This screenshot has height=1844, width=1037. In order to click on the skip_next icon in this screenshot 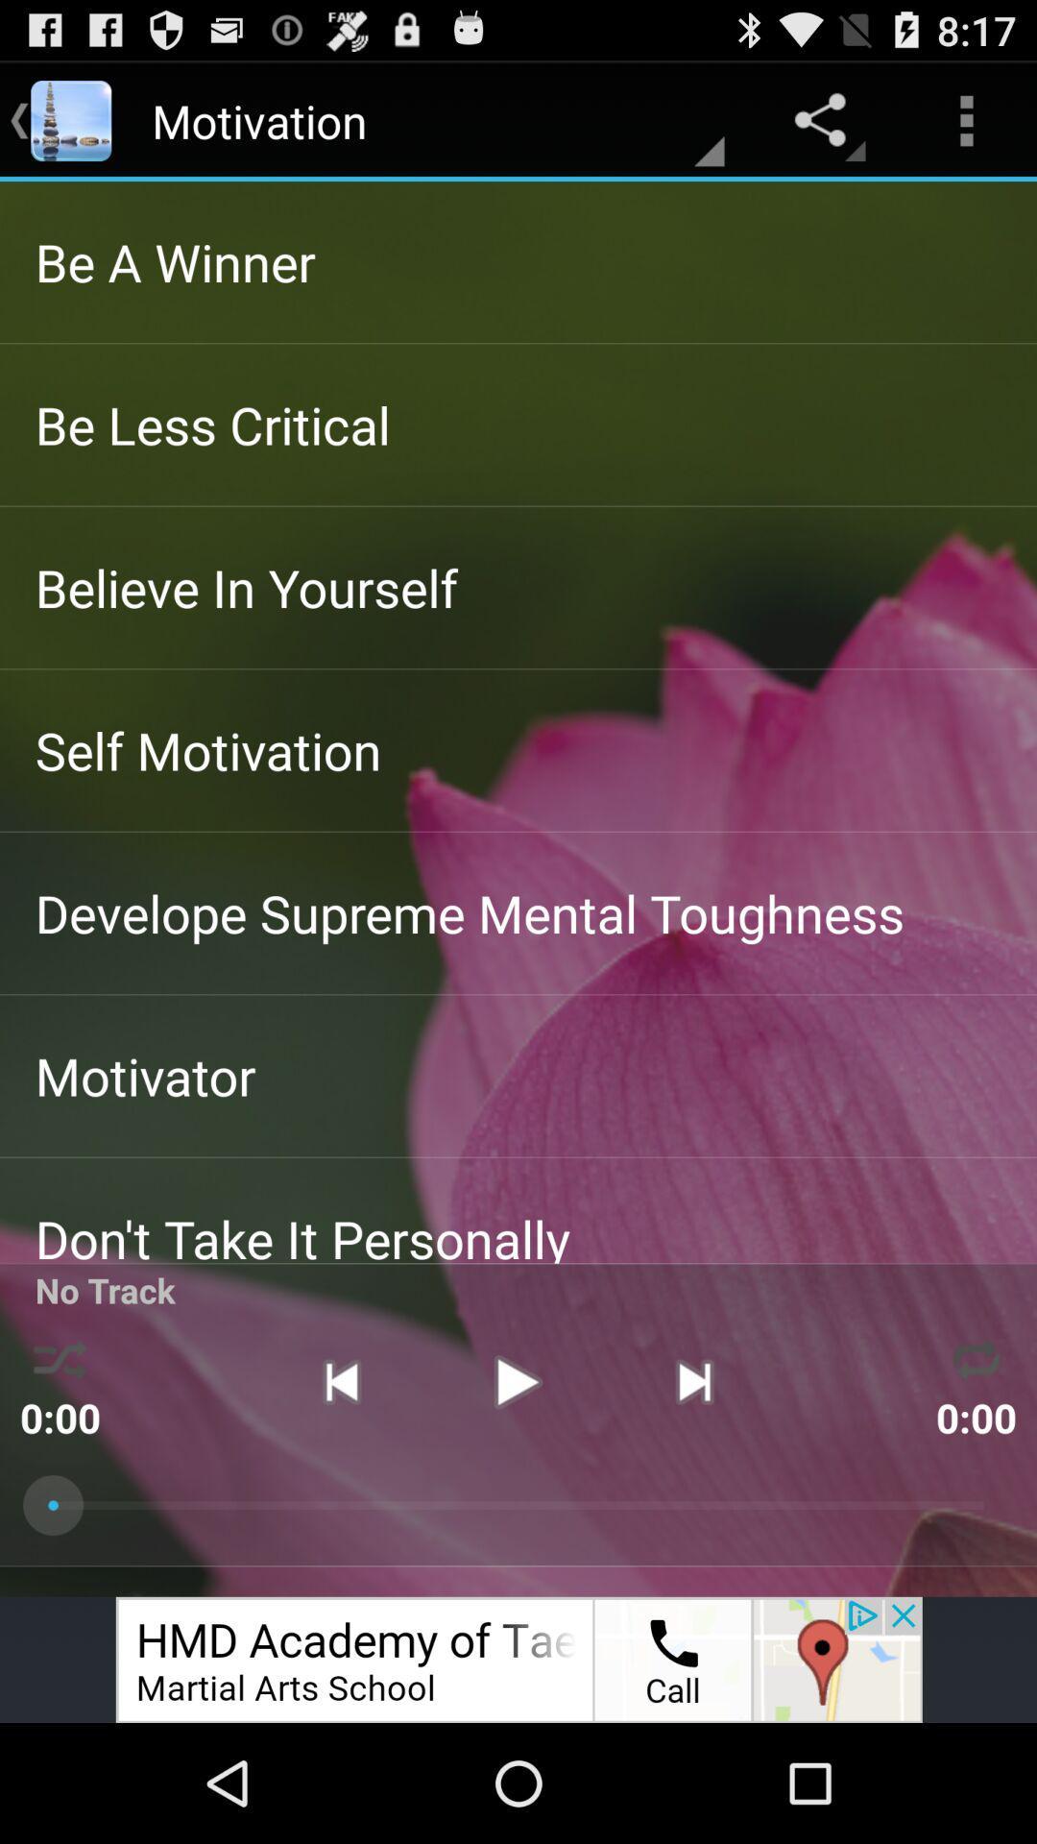, I will do `click(694, 1477)`.